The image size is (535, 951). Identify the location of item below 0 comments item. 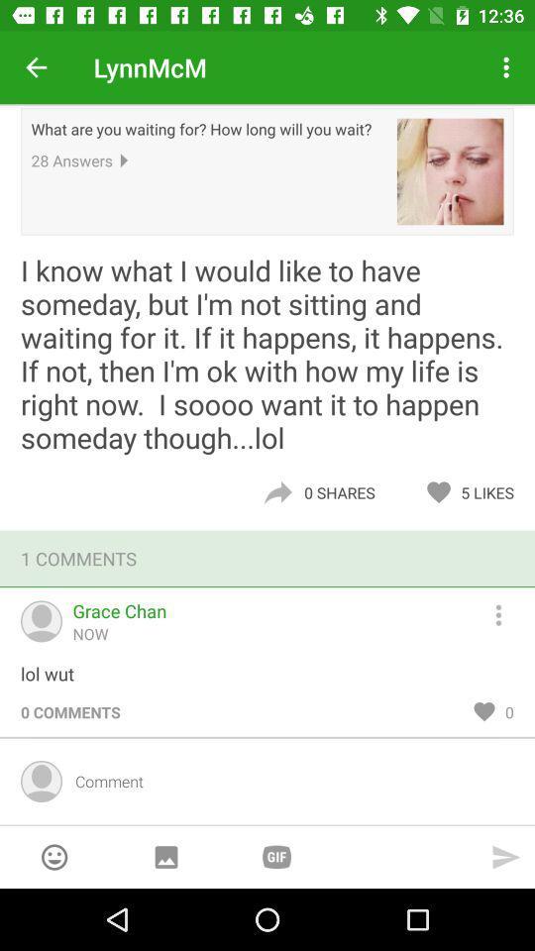
(287, 781).